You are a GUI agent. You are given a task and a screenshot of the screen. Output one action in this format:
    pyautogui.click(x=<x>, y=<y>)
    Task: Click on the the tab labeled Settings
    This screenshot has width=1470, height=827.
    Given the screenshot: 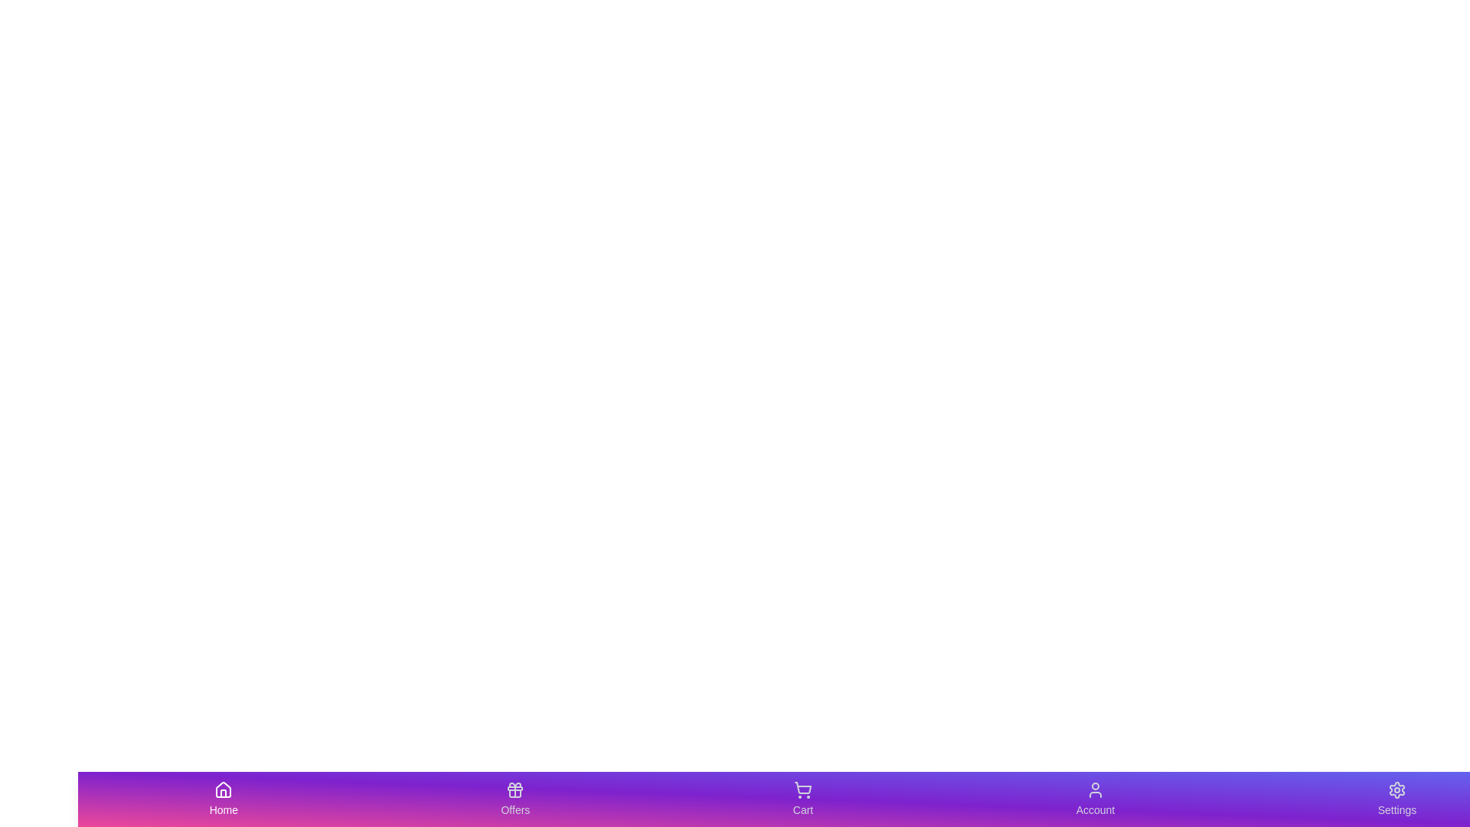 What is the action you would take?
    pyautogui.click(x=1396, y=799)
    